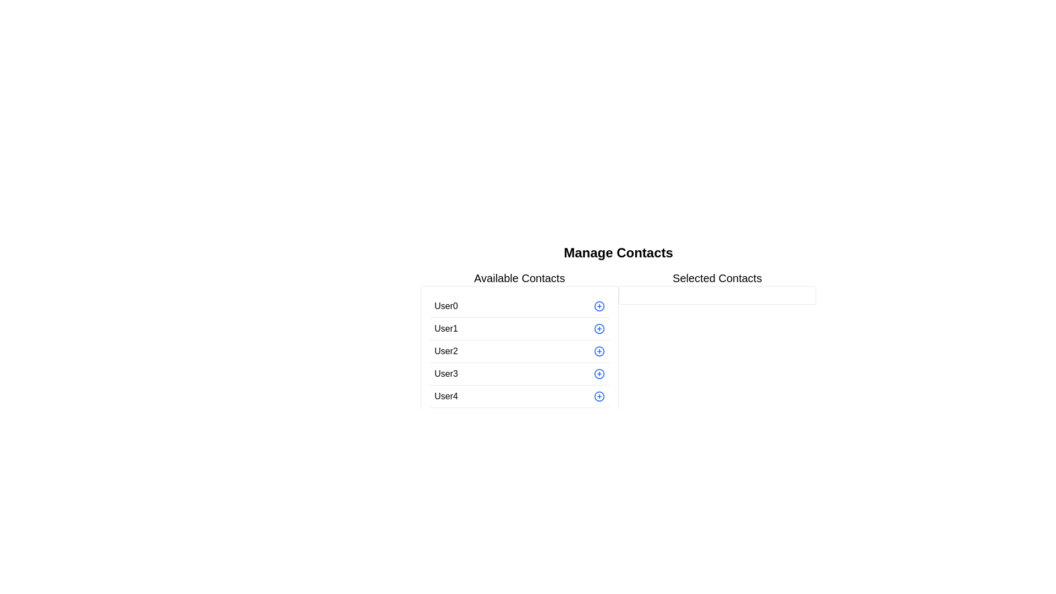  What do you see at coordinates (598, 397) in the screenshot?
I see `the interactive button located in the last row of the list, next to the label 'User4'` at bounding box center [598, 397].